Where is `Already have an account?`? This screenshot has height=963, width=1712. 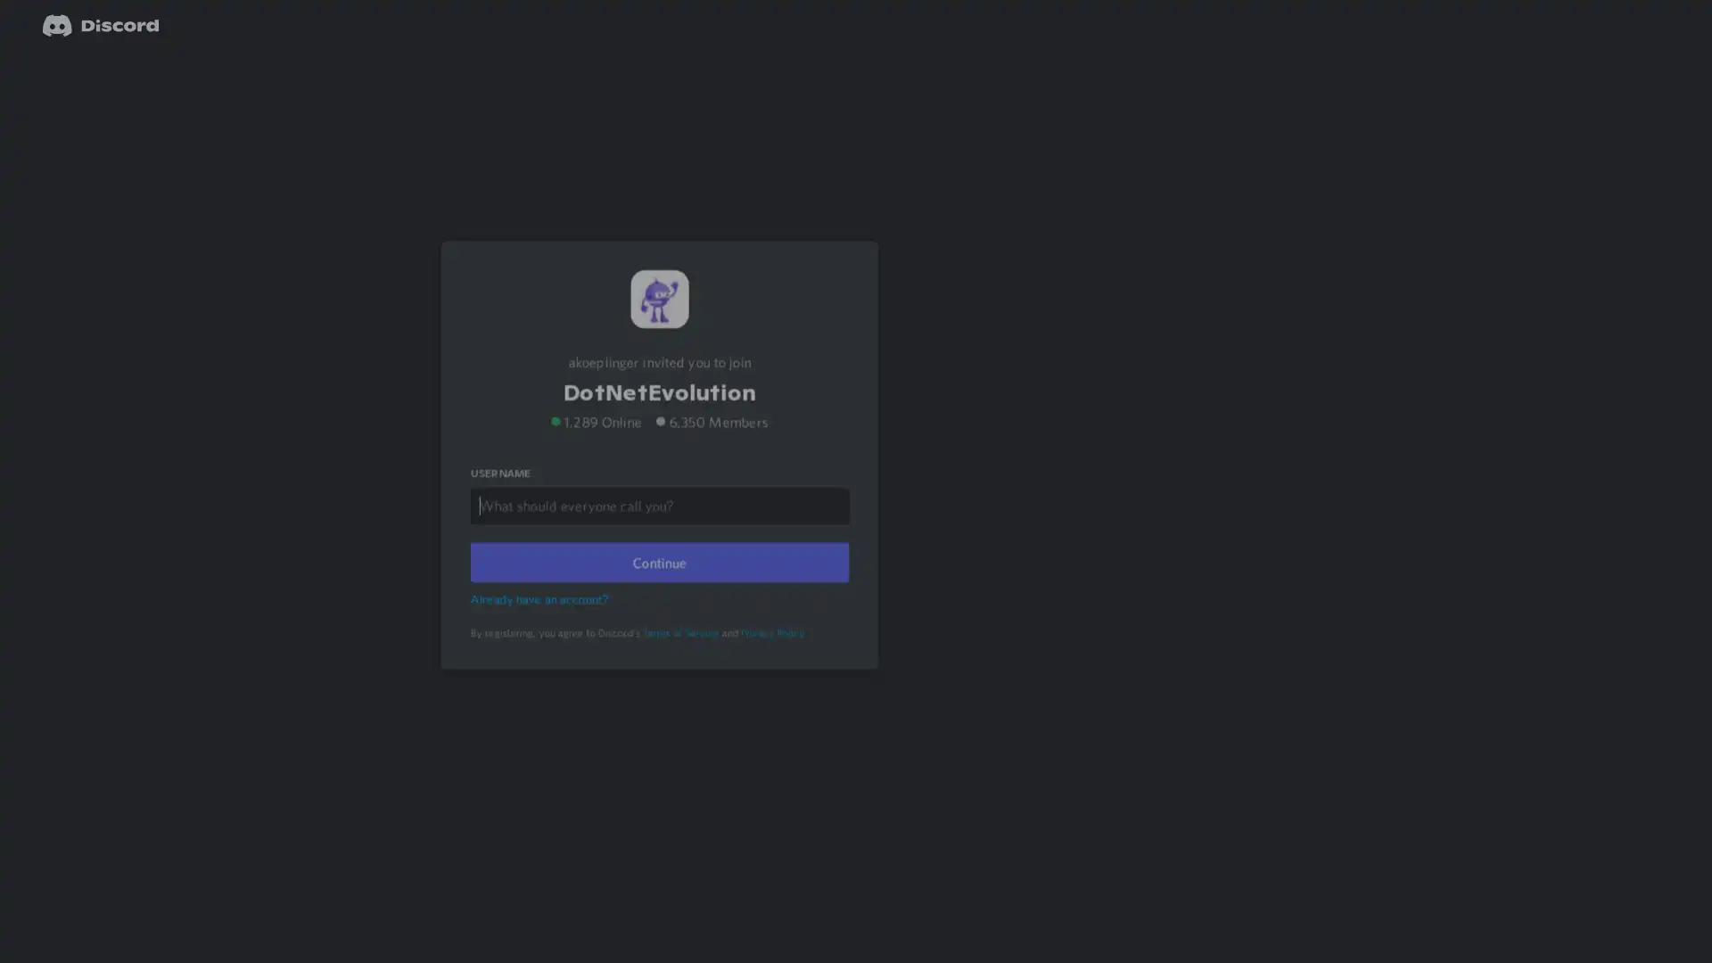
Already have an account? is located at coordinates (541, 621).